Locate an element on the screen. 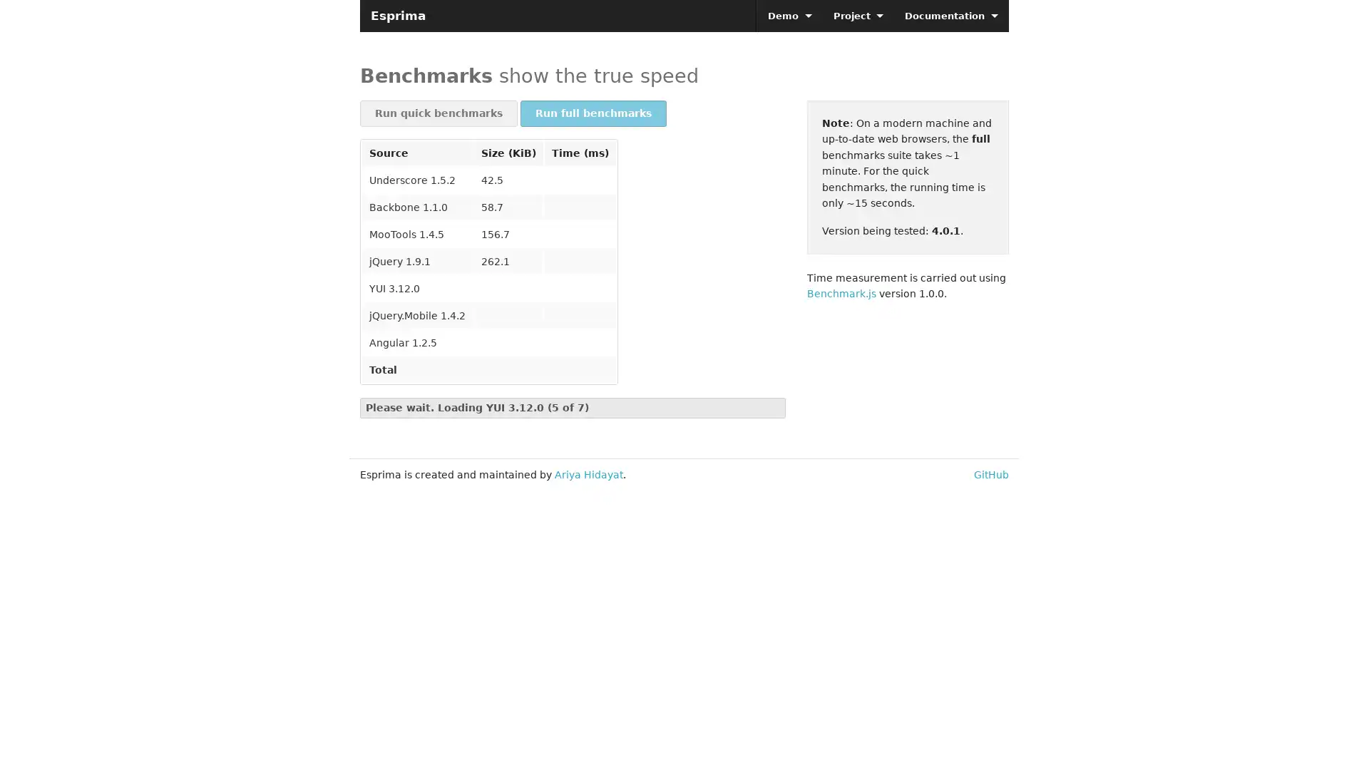 This screenshot has height=770, width=1369. Run quick benchmarks is located at coordinates (438, 113).